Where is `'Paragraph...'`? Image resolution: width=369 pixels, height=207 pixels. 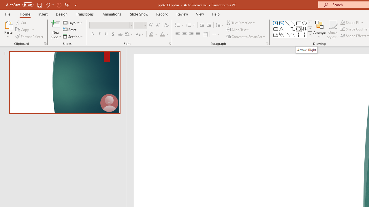 'Paragraph...' is located at coordinates (267, 43).